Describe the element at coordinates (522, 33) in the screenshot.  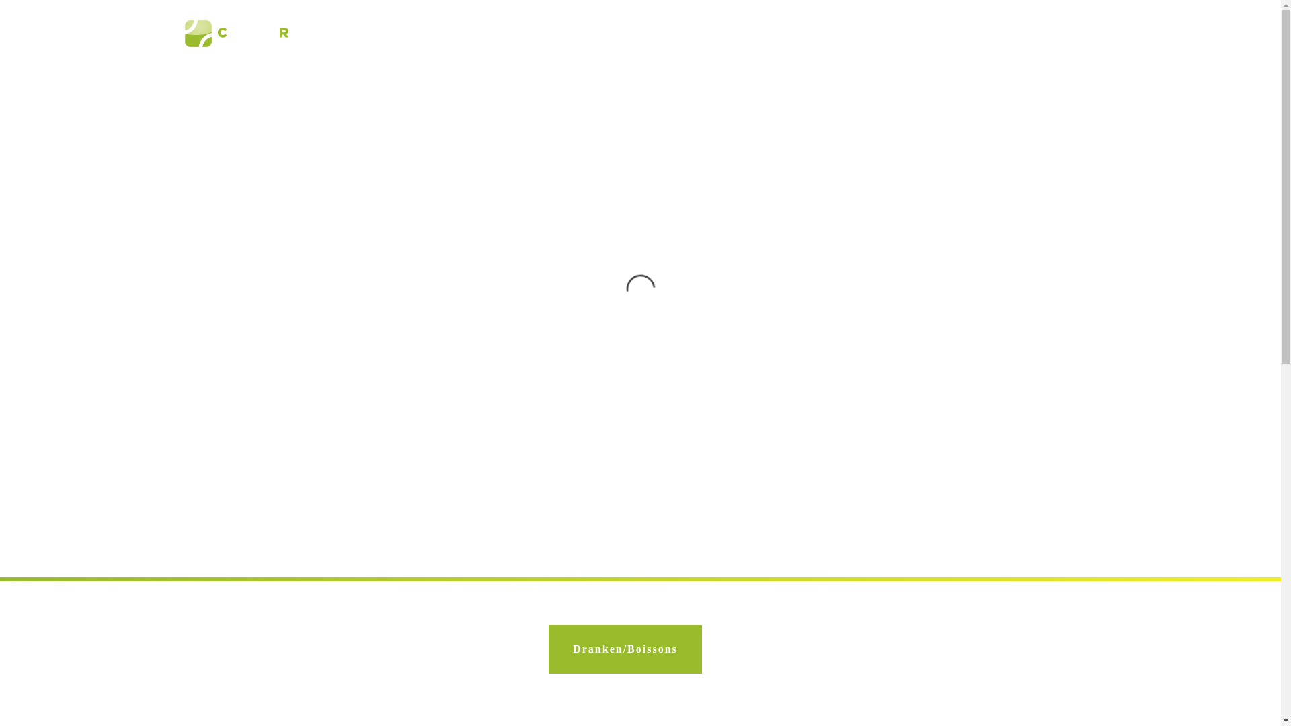
I see `'LESSEN'` at that location.